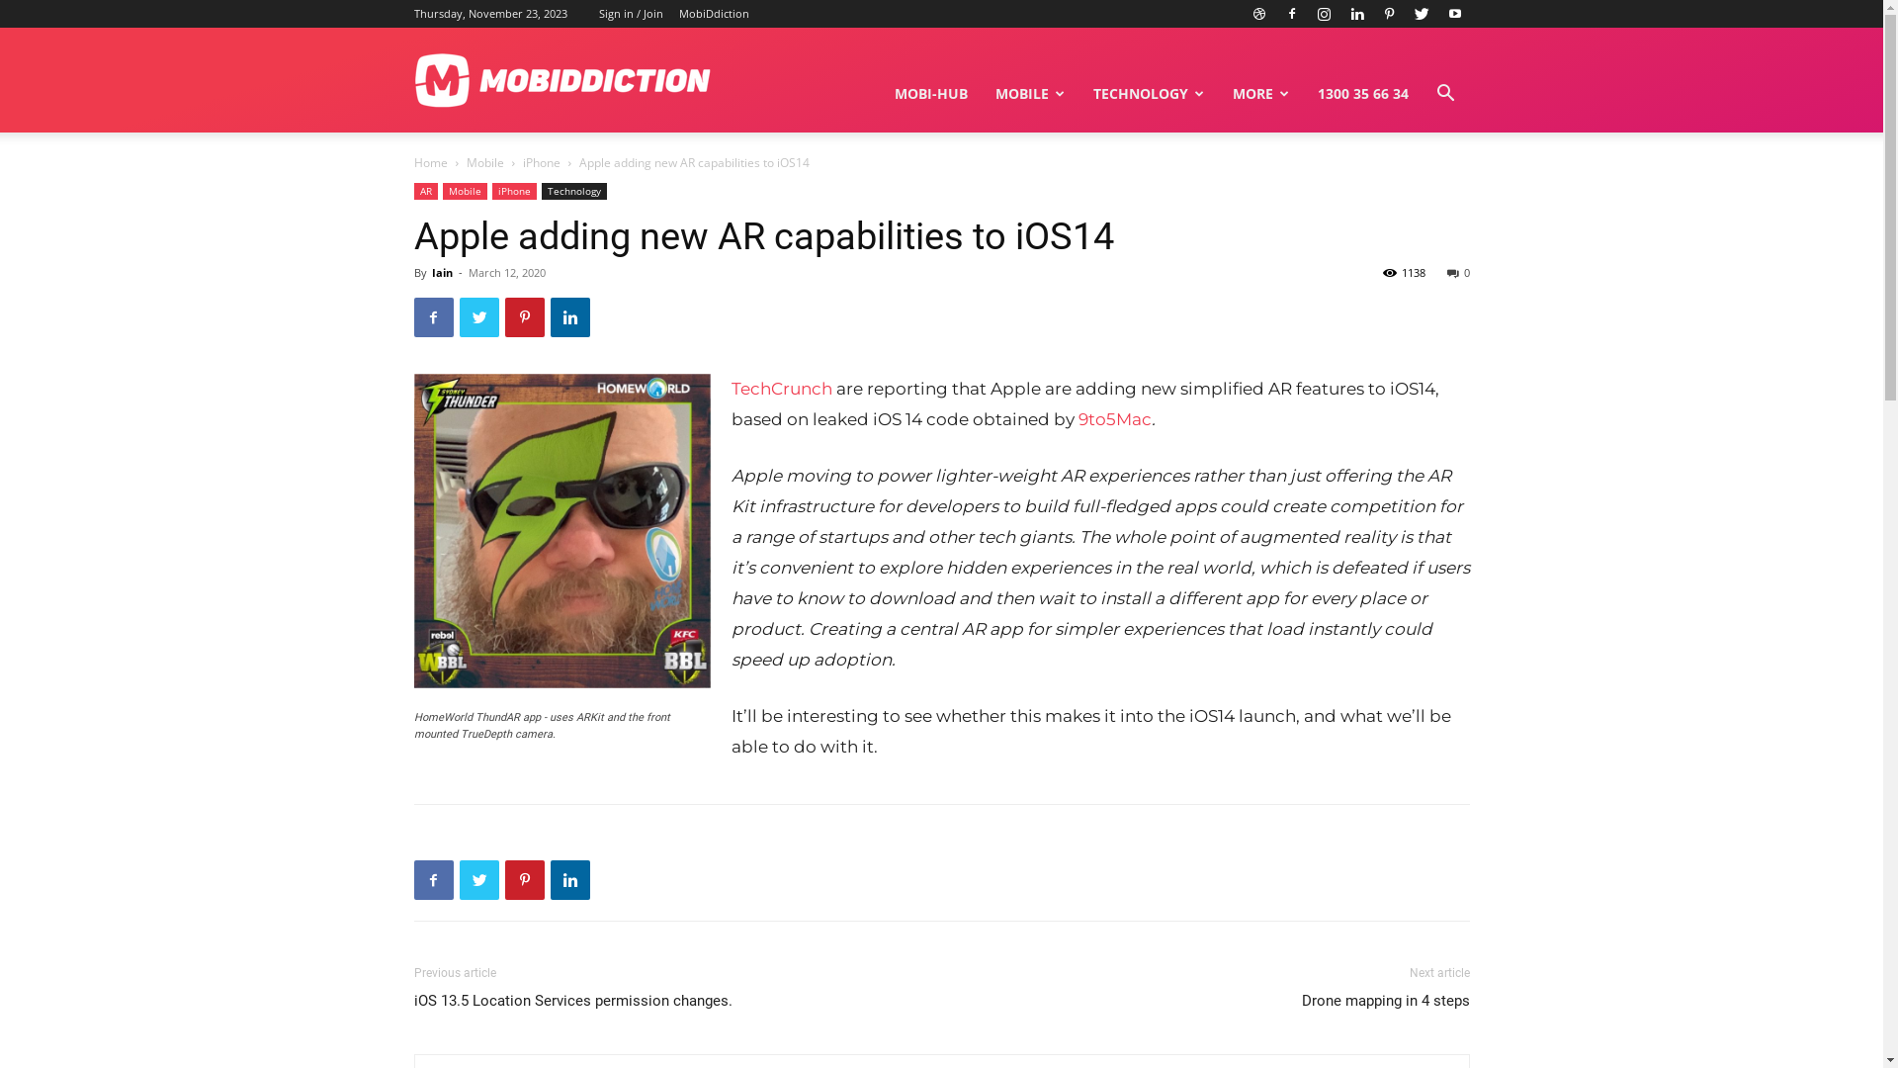 The width and height of the screenshot is (1898, 1068). Describe the element at coordinates (440, 272) in the screenshot. I see `'Iain'` at that location.